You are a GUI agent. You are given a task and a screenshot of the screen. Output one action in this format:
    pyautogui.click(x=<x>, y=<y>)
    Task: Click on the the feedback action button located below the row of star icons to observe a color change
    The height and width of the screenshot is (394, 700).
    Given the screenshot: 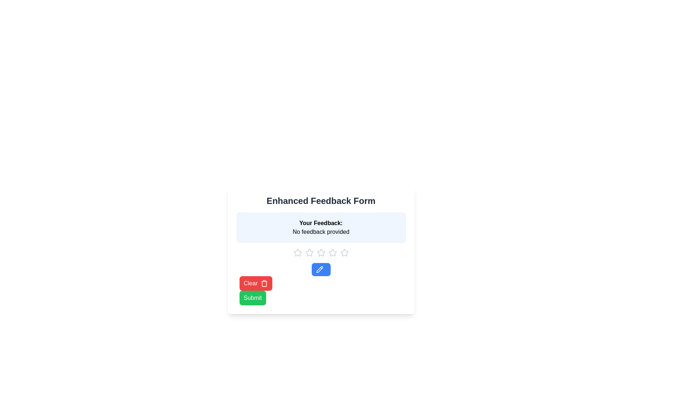 What is the action you would take?
    pyautogui.click(x=321, y=270)
    